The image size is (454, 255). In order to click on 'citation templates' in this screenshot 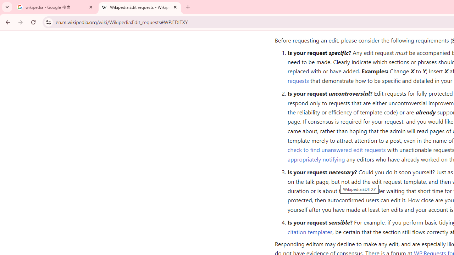, I will do `click(310, 232)`.